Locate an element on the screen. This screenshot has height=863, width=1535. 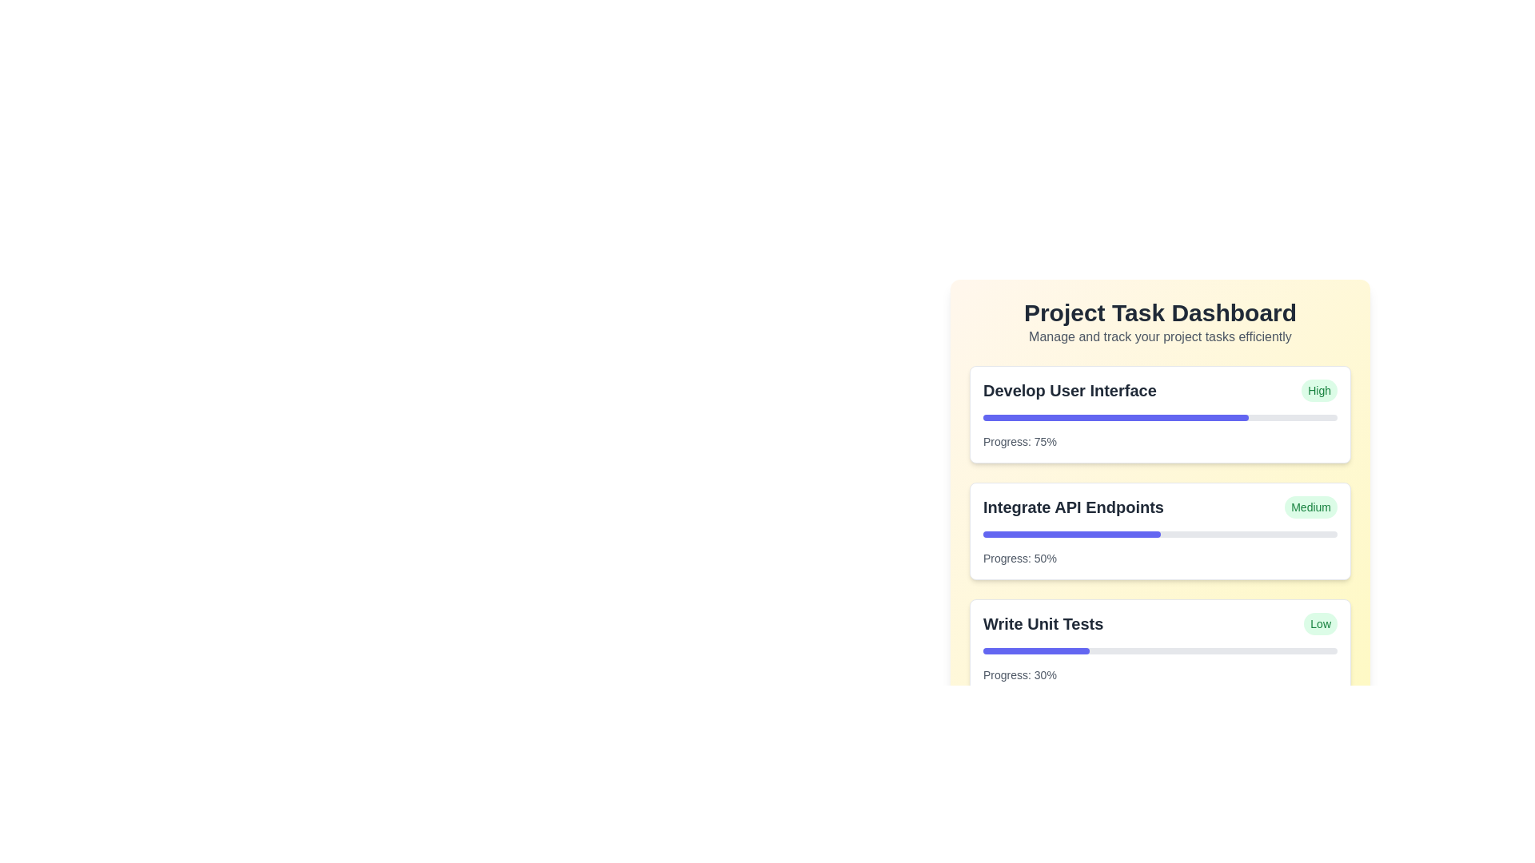
text content of the text label displaying 'Progress: 75%' located under the progress bar in the 'Develop User Interface' task card of the 'Project Task Dashboard' is located at coordinates (1019, 441).